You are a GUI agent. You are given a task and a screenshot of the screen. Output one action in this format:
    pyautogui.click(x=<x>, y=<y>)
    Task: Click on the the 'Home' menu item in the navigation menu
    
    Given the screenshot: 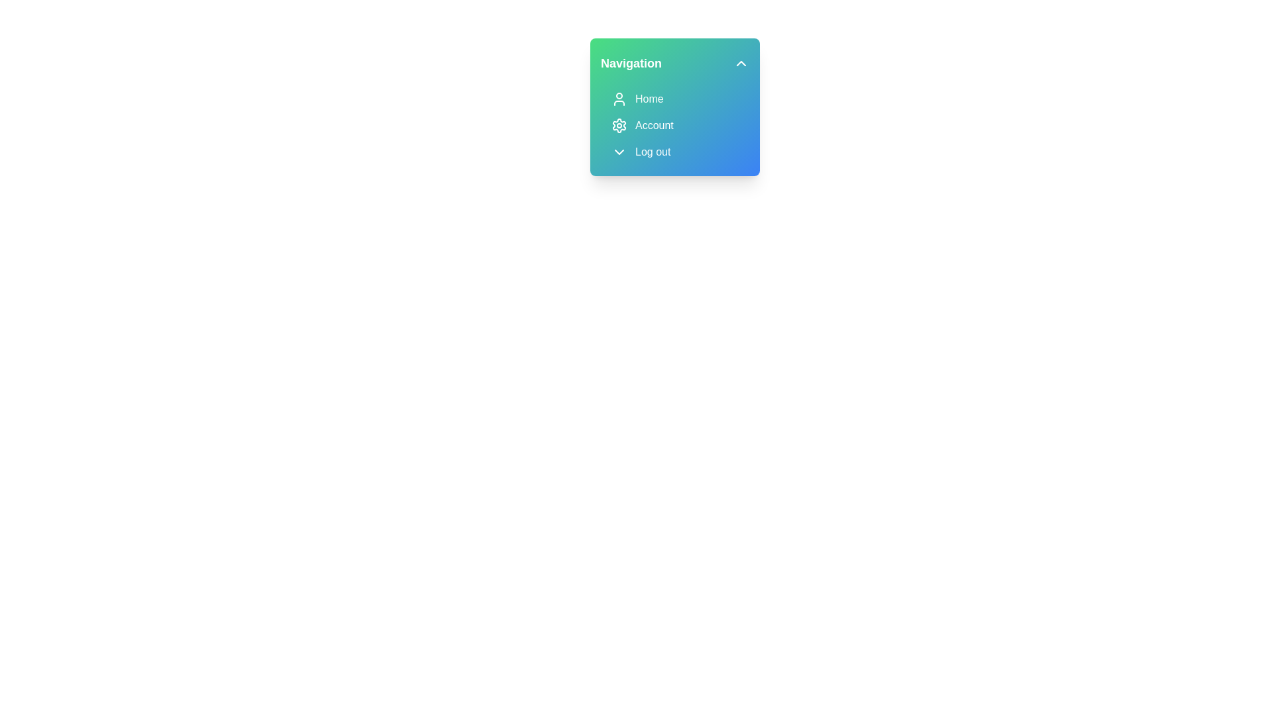 What is the action you would take?
    pyautogui.click(x=674, y=99)
    